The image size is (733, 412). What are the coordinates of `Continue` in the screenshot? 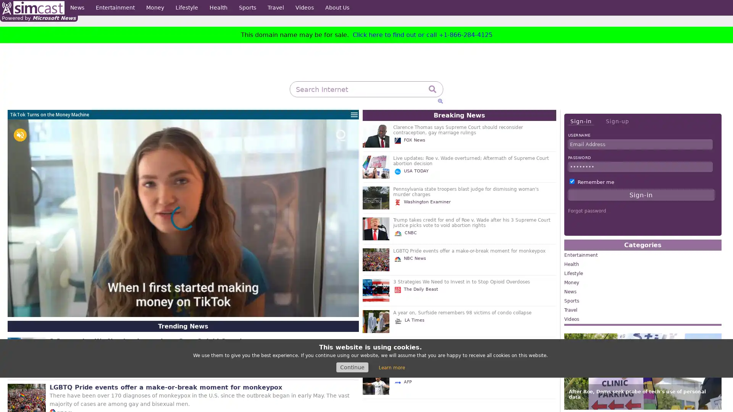 It's located at (352, 367).